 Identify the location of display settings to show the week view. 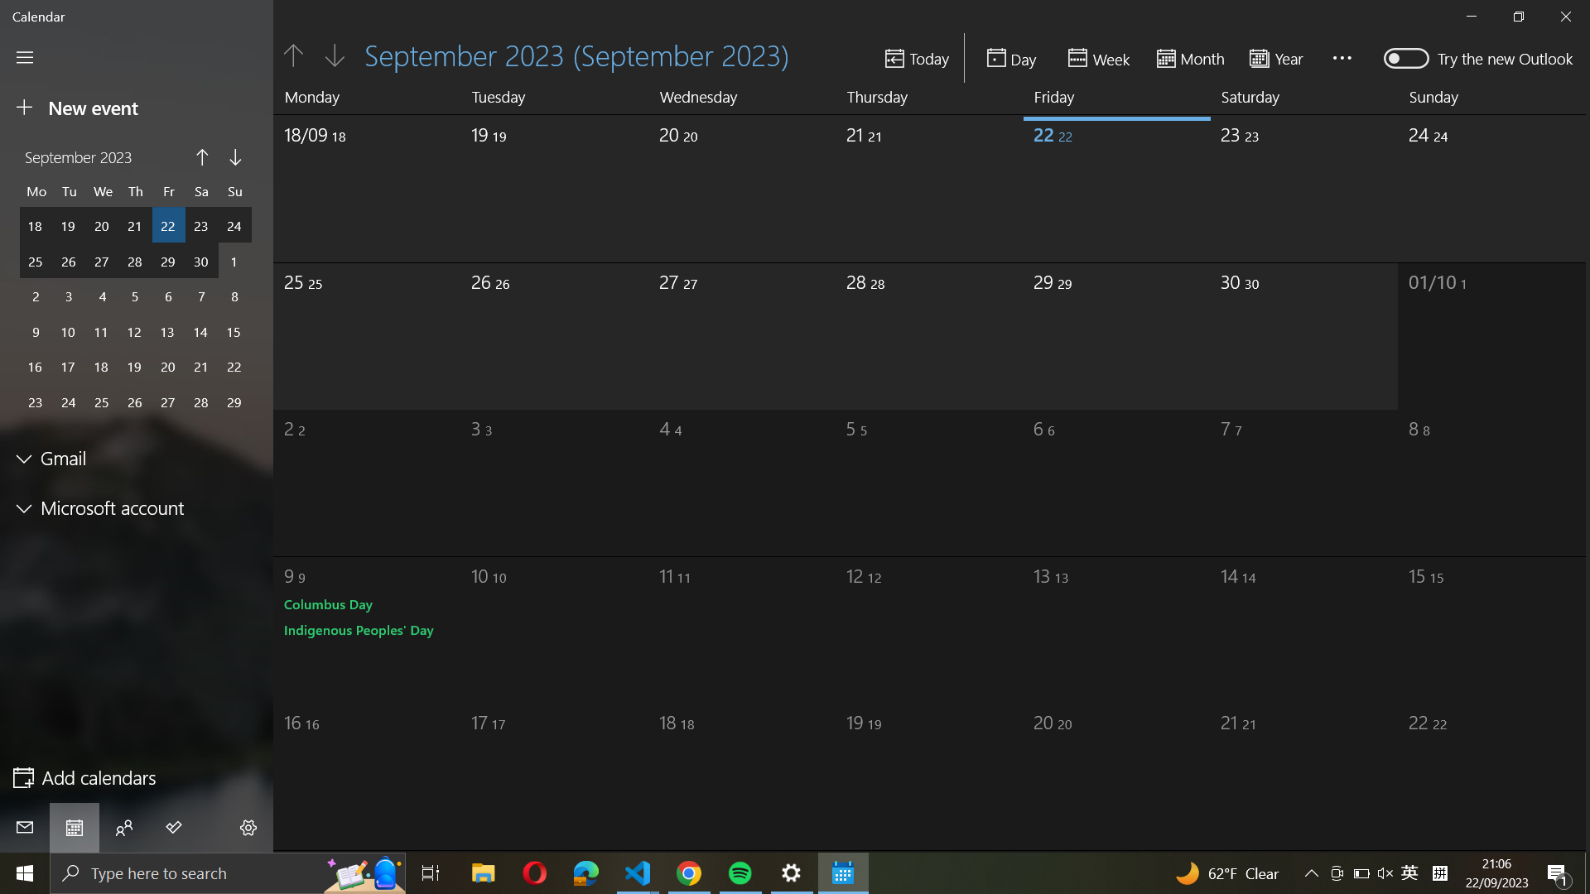
(1101, 56).